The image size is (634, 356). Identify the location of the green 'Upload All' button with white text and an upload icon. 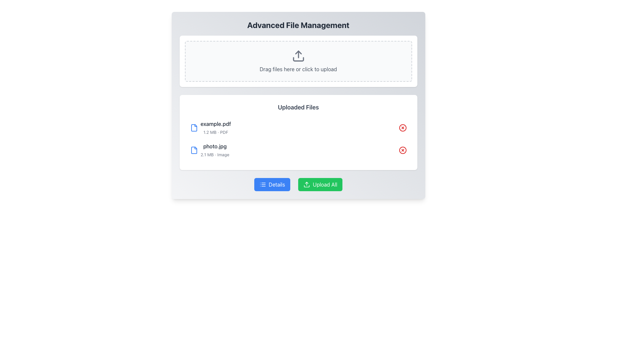
(320, 184).